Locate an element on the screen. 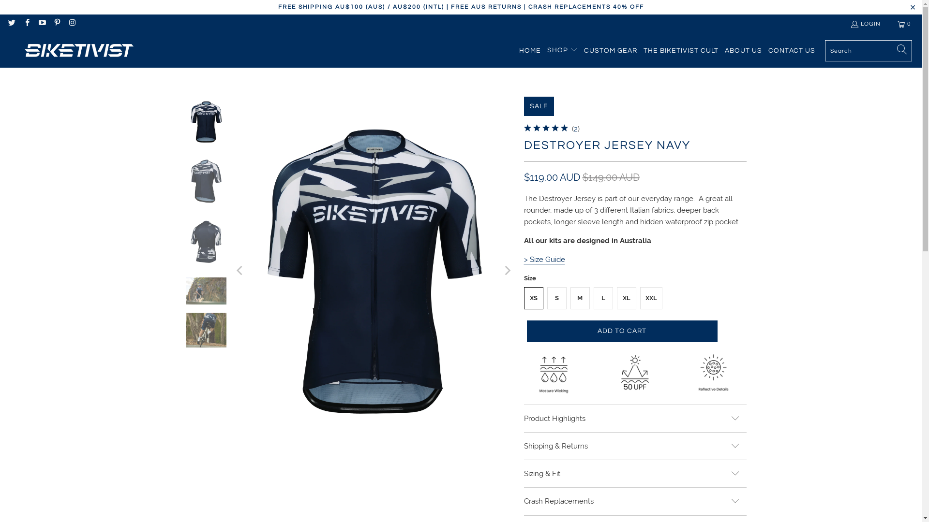 This screenshot has width=929, height=522. '> Size Guide' is located at coordinates (544, 259).